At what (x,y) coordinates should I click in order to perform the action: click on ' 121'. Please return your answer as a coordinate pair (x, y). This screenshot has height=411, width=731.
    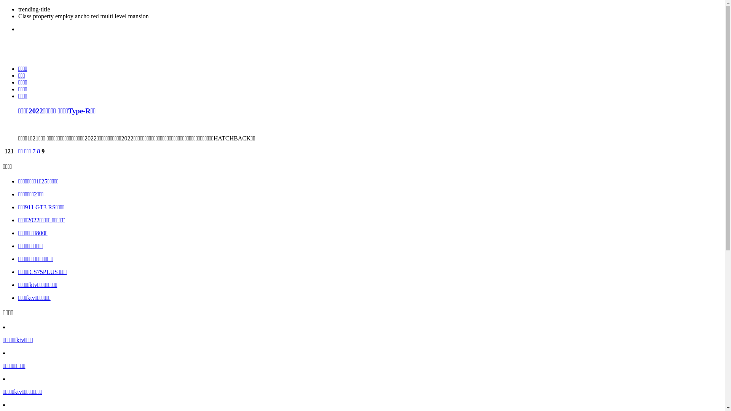
    Looking at the image, I should click on (9, 151).